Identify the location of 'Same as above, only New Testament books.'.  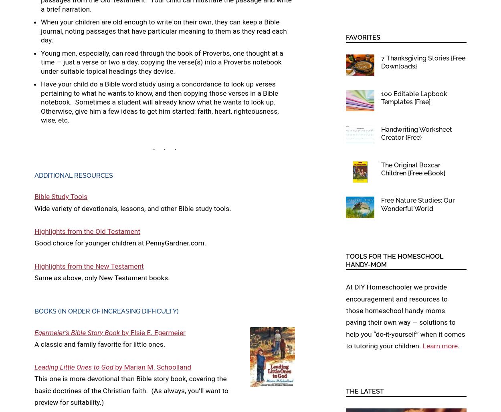
(102, 277).